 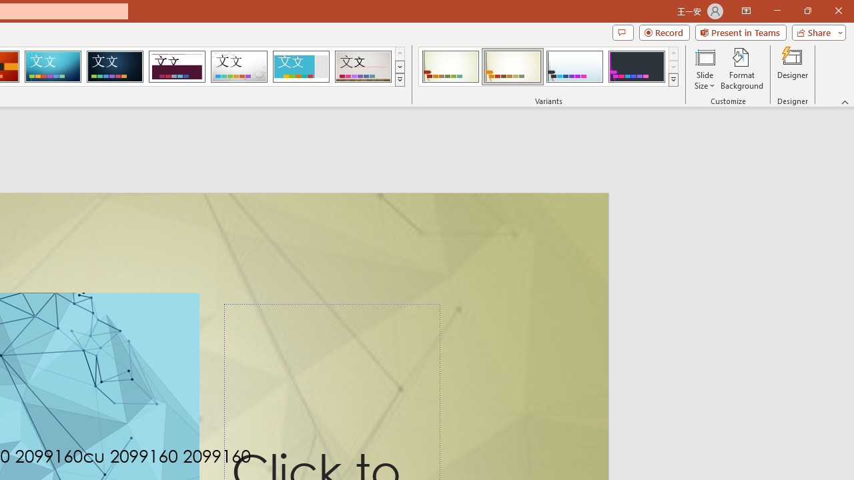 I want to click on 'Droplet Loading Preview...', so click(x=239, y=67).